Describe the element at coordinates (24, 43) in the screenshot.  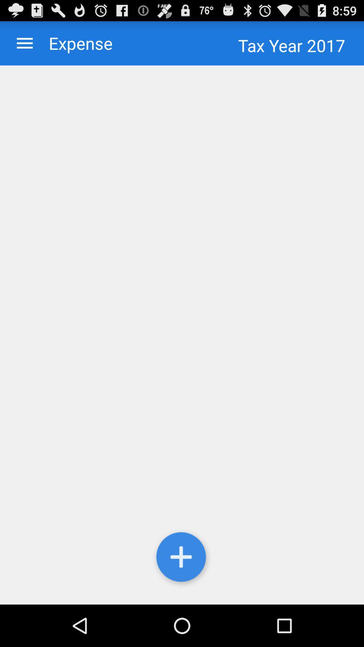
I see `the app to the left of the expense` at that location.